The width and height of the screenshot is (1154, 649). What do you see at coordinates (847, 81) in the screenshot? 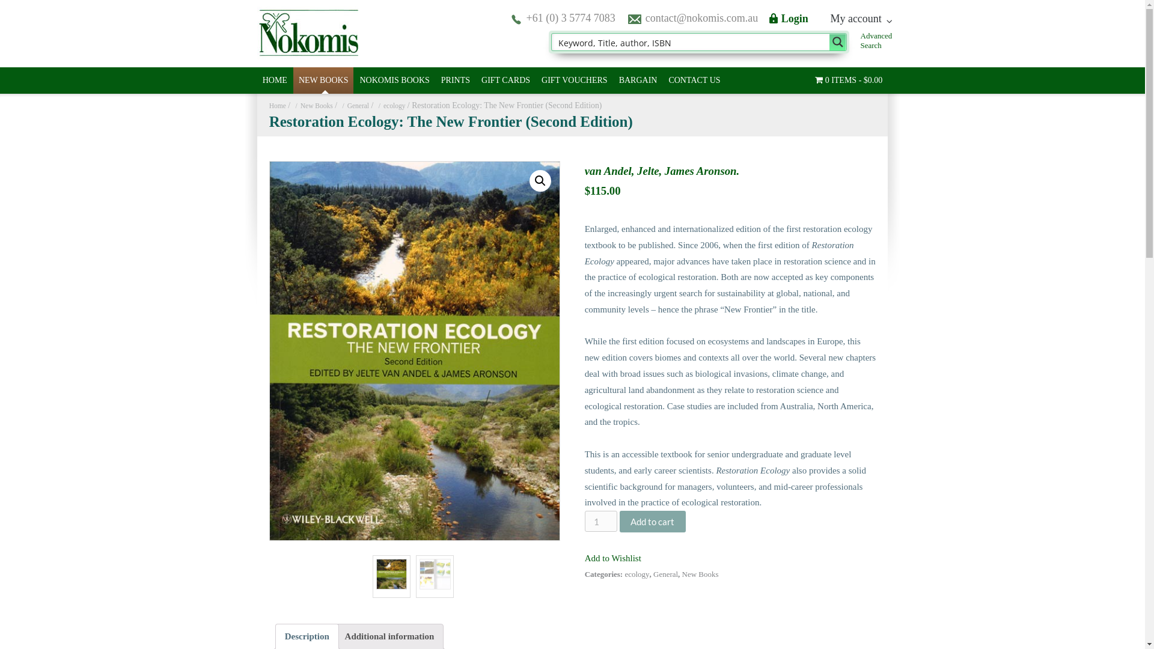
I see `'0 ITEMS$0.00'` at bounding box center [847, 81].